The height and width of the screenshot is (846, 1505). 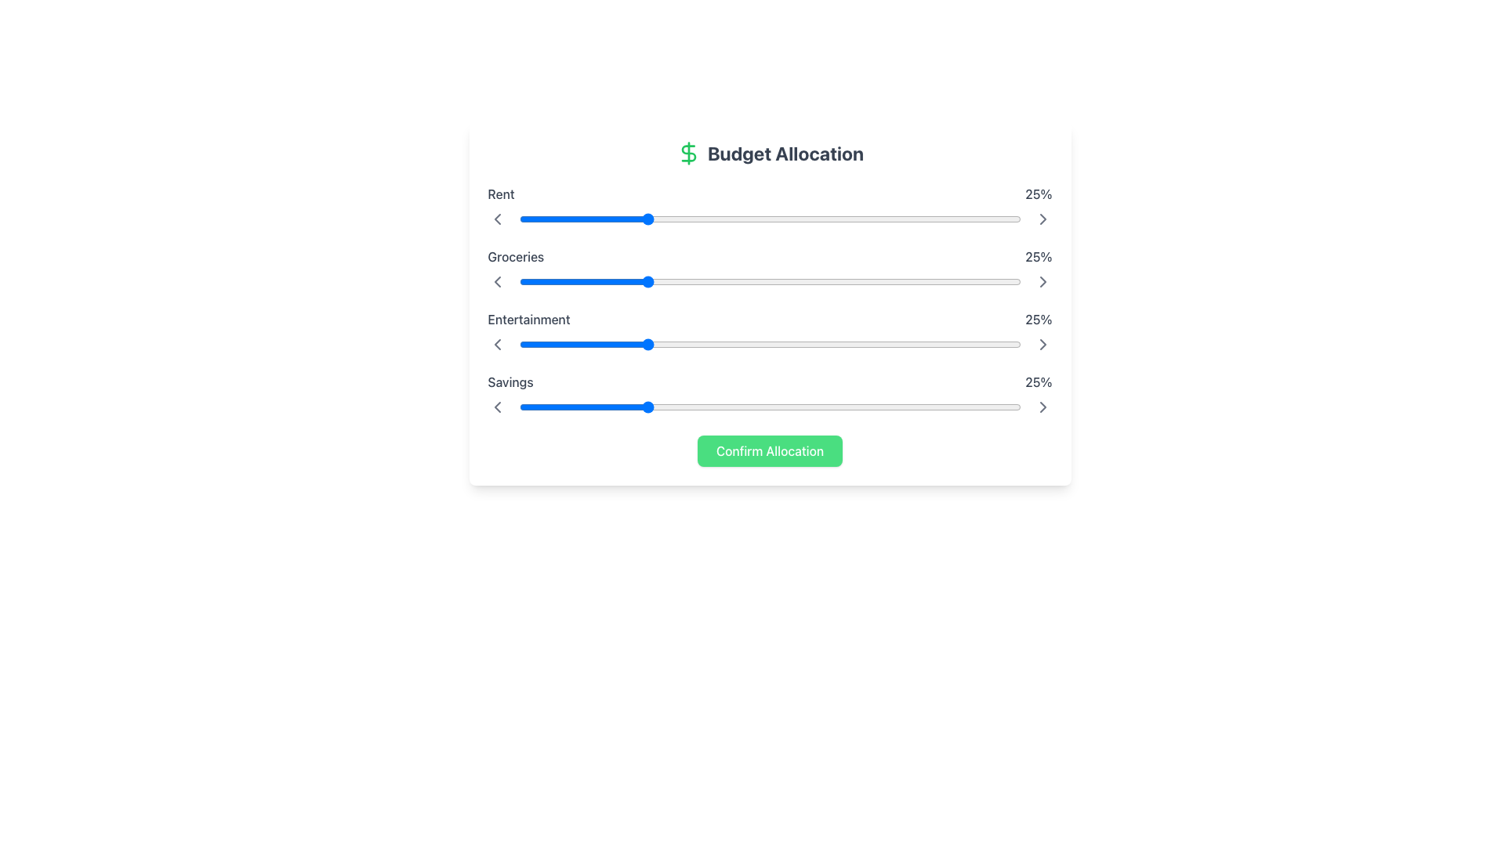 What do you see at coordinates (1039, 382) in the screenshot?
I see `the value displayed in the Static Text Label for the 'Savings' category in the Budget Allocation interface, specifically aligned with the 'Savings' label and showing 'Savings25%'` at bounding box center [1039, 382].